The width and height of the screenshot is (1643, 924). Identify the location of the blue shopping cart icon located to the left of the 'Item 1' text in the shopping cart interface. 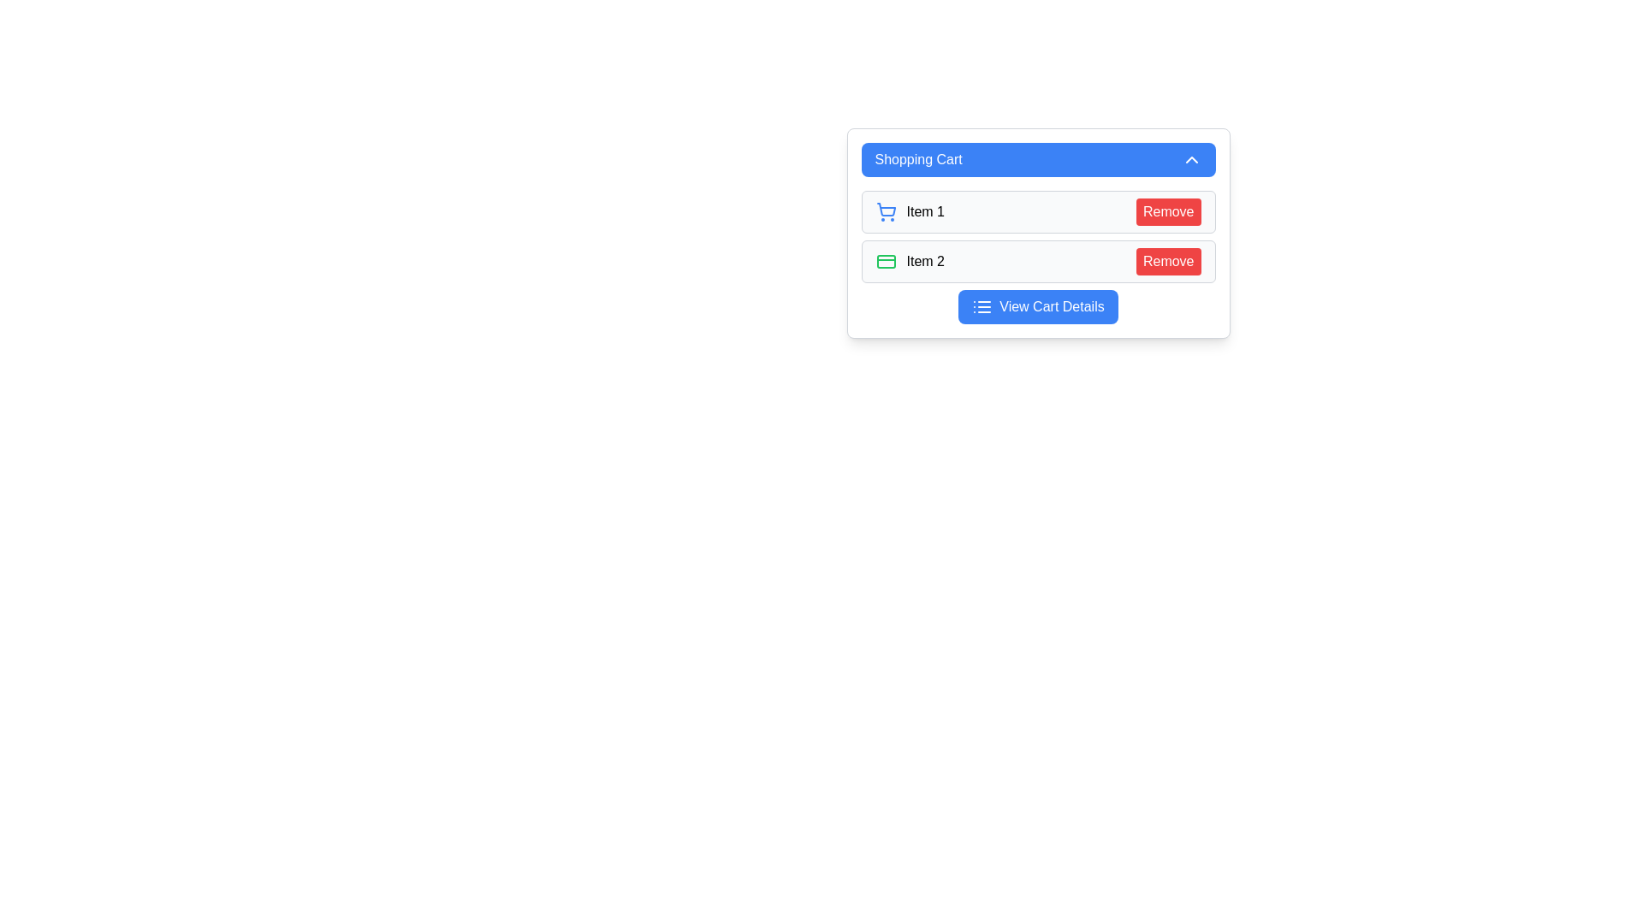
(886, 210).